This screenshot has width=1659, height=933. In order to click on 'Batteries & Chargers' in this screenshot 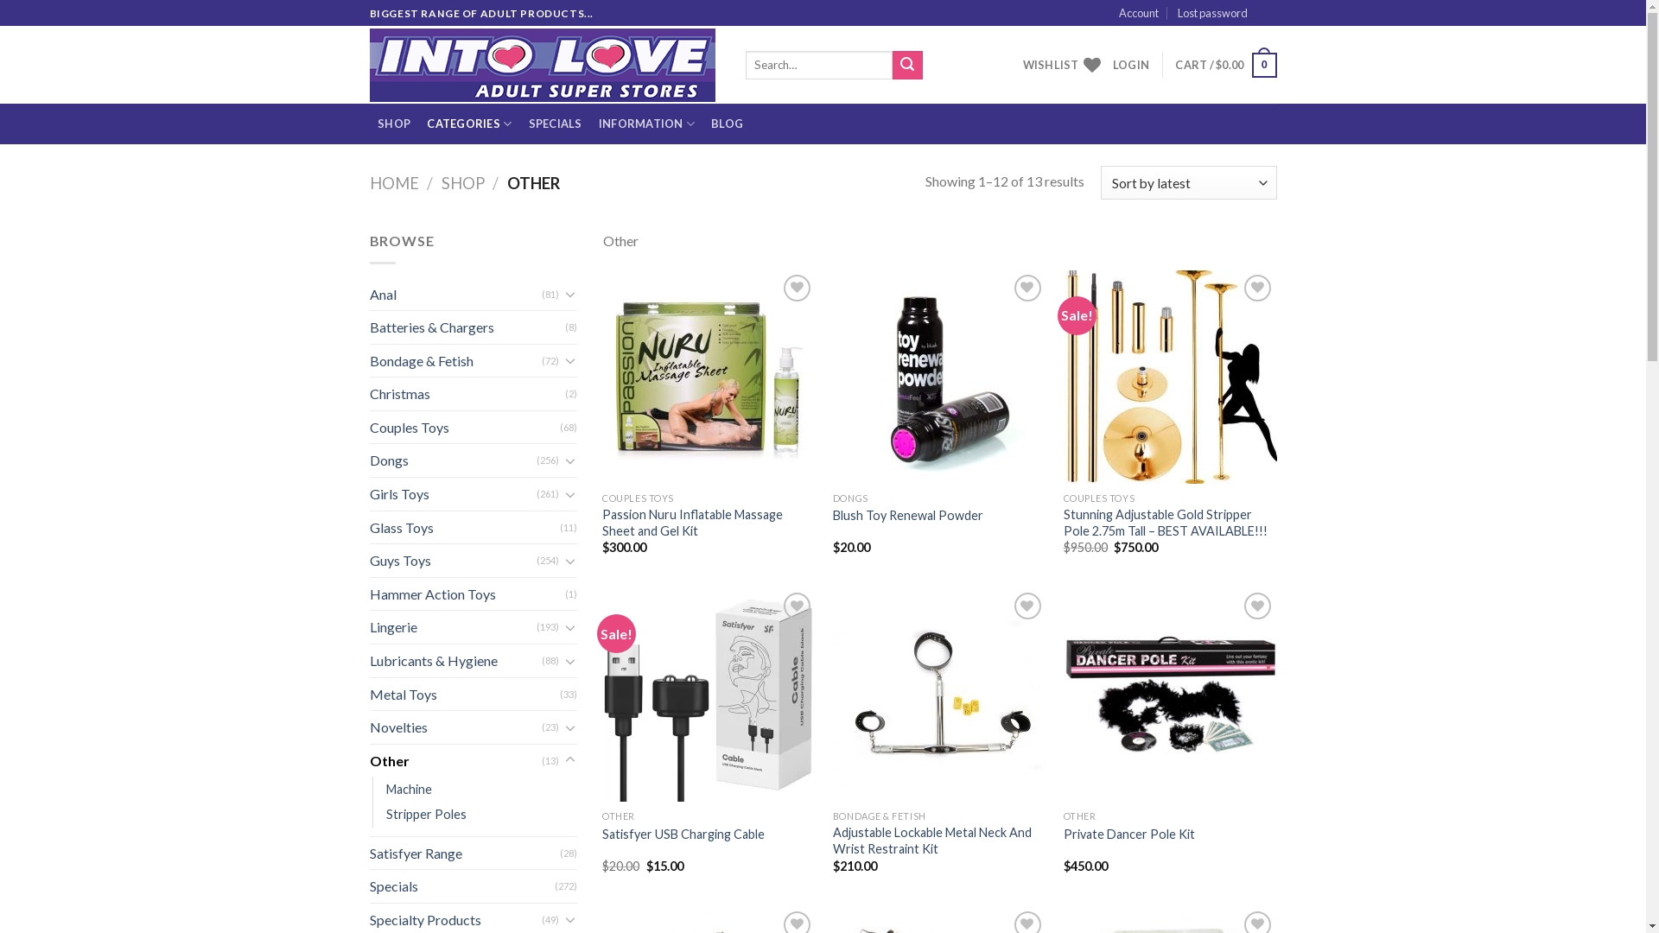, I will do `click(467, 327)`.